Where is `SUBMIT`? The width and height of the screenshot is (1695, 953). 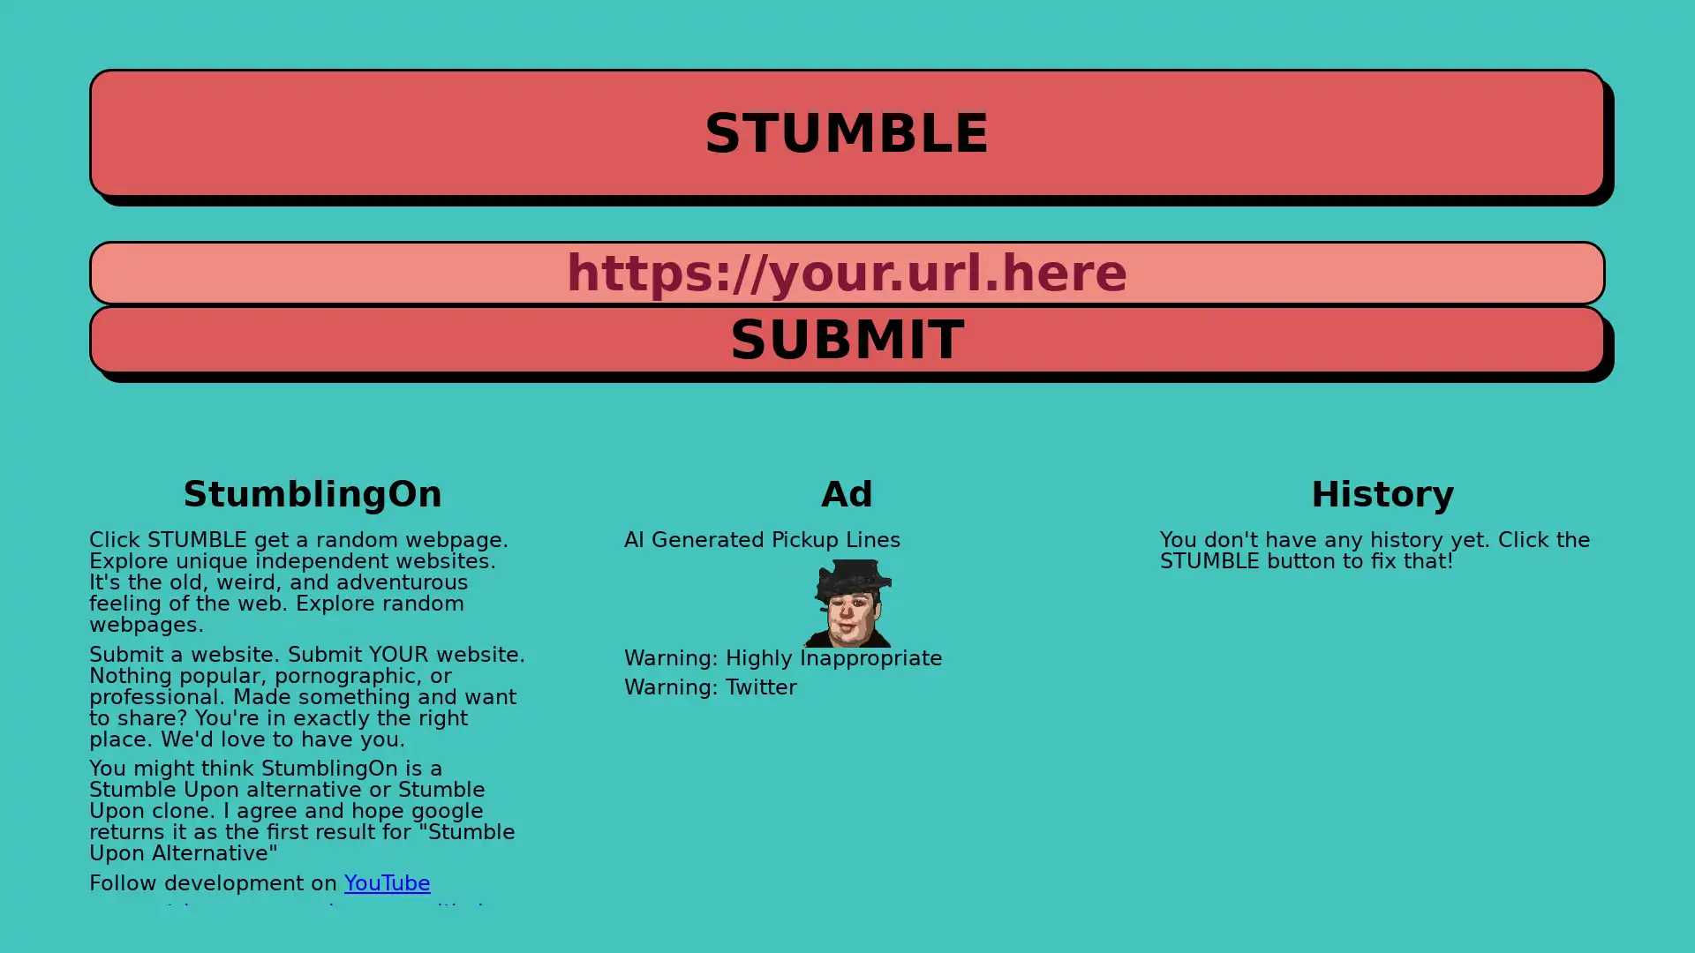
SUBMIT is located at coordinates (846, 339).